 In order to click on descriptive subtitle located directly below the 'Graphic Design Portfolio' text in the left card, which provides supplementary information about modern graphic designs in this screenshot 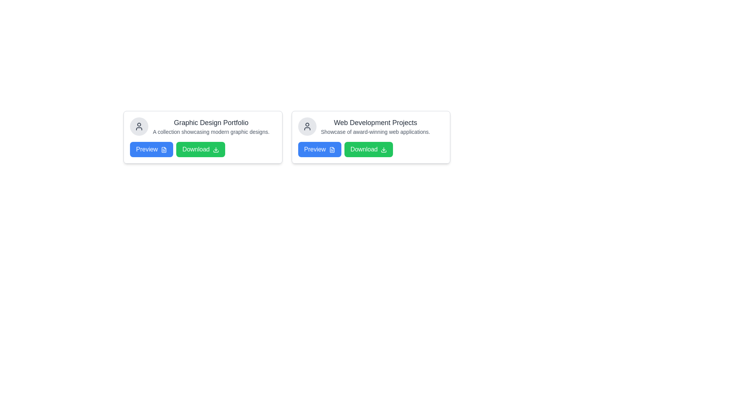, I will do `click(211, 131)`.